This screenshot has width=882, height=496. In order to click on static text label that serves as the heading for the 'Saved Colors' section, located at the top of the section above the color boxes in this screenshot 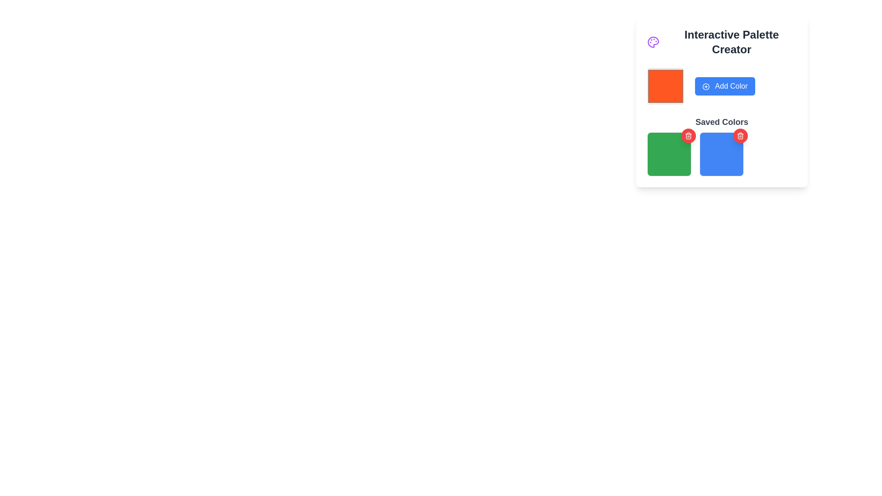, I will do `click(721, 122)`.